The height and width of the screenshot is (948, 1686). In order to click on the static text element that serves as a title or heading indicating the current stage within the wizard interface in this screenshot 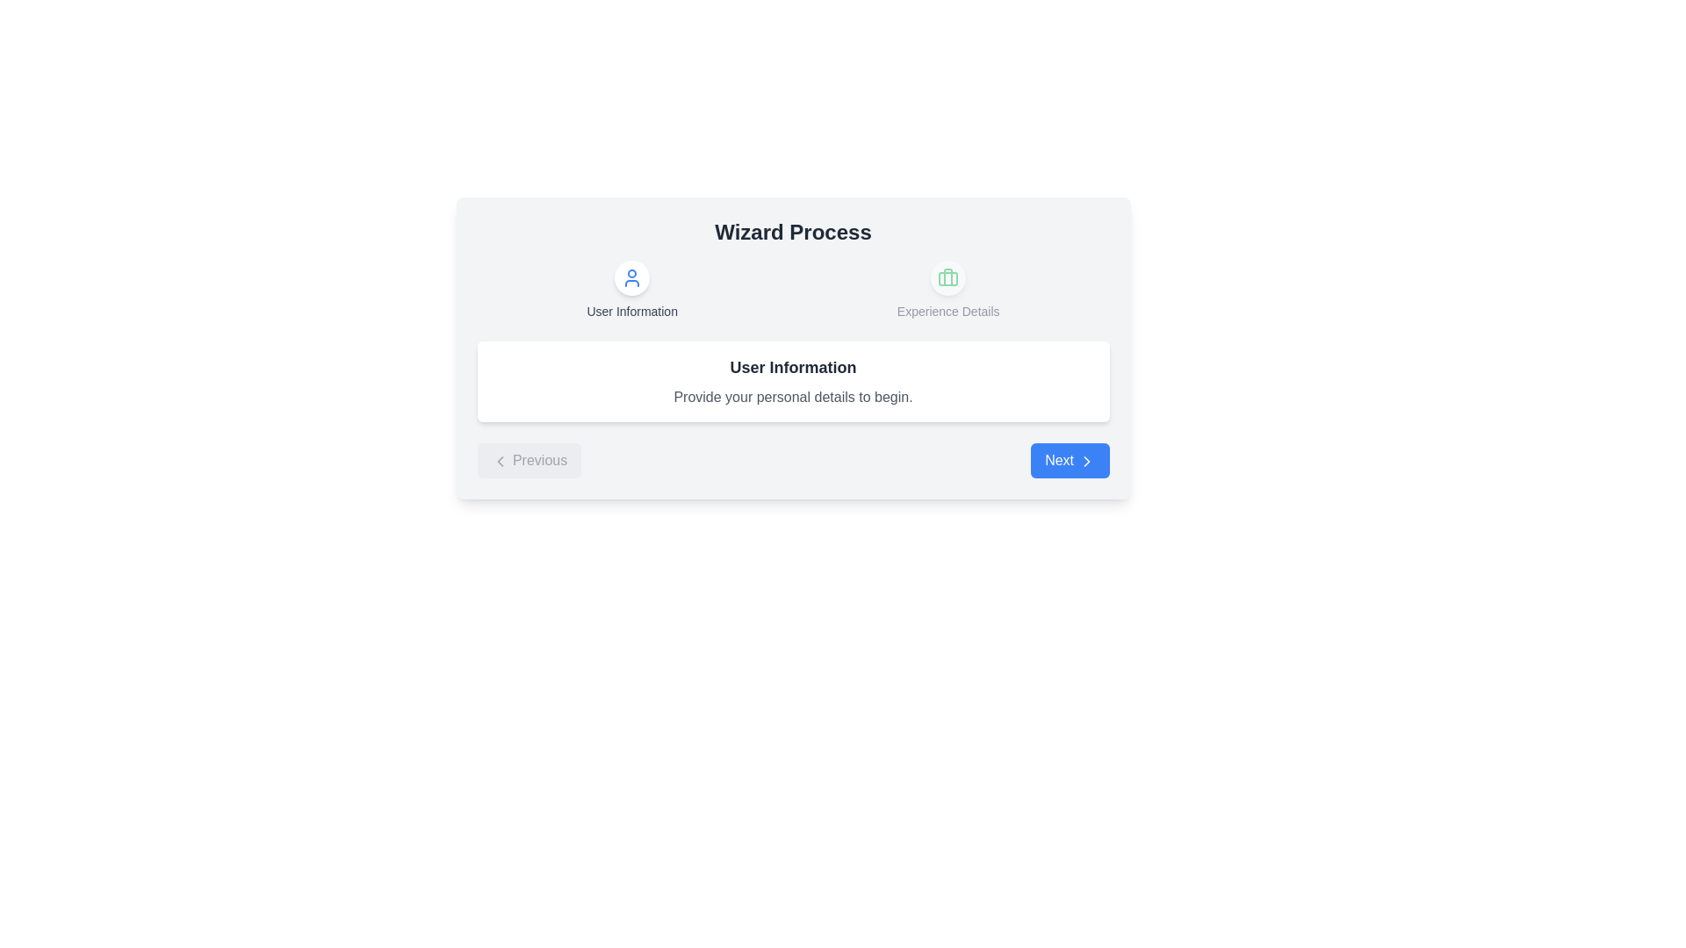, I will do `click(792, 232)`.